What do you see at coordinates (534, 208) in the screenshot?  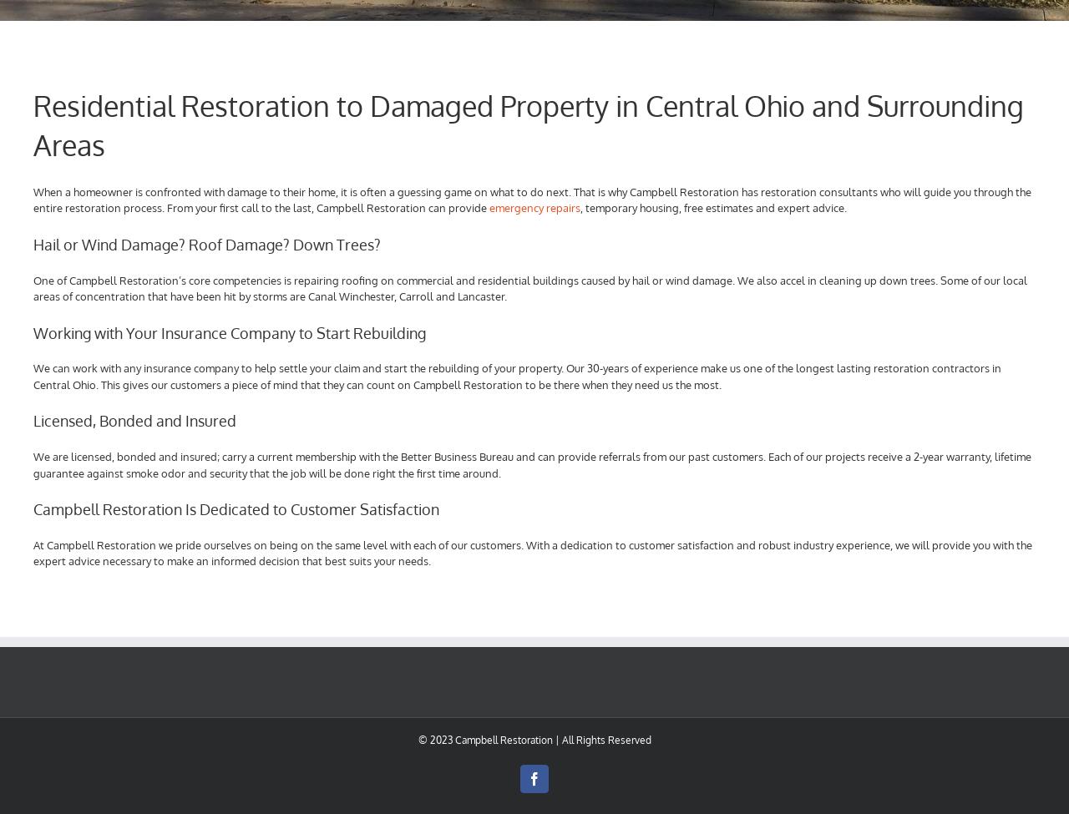 I see `'emergency repairs'` at bounding box center [534, 208].